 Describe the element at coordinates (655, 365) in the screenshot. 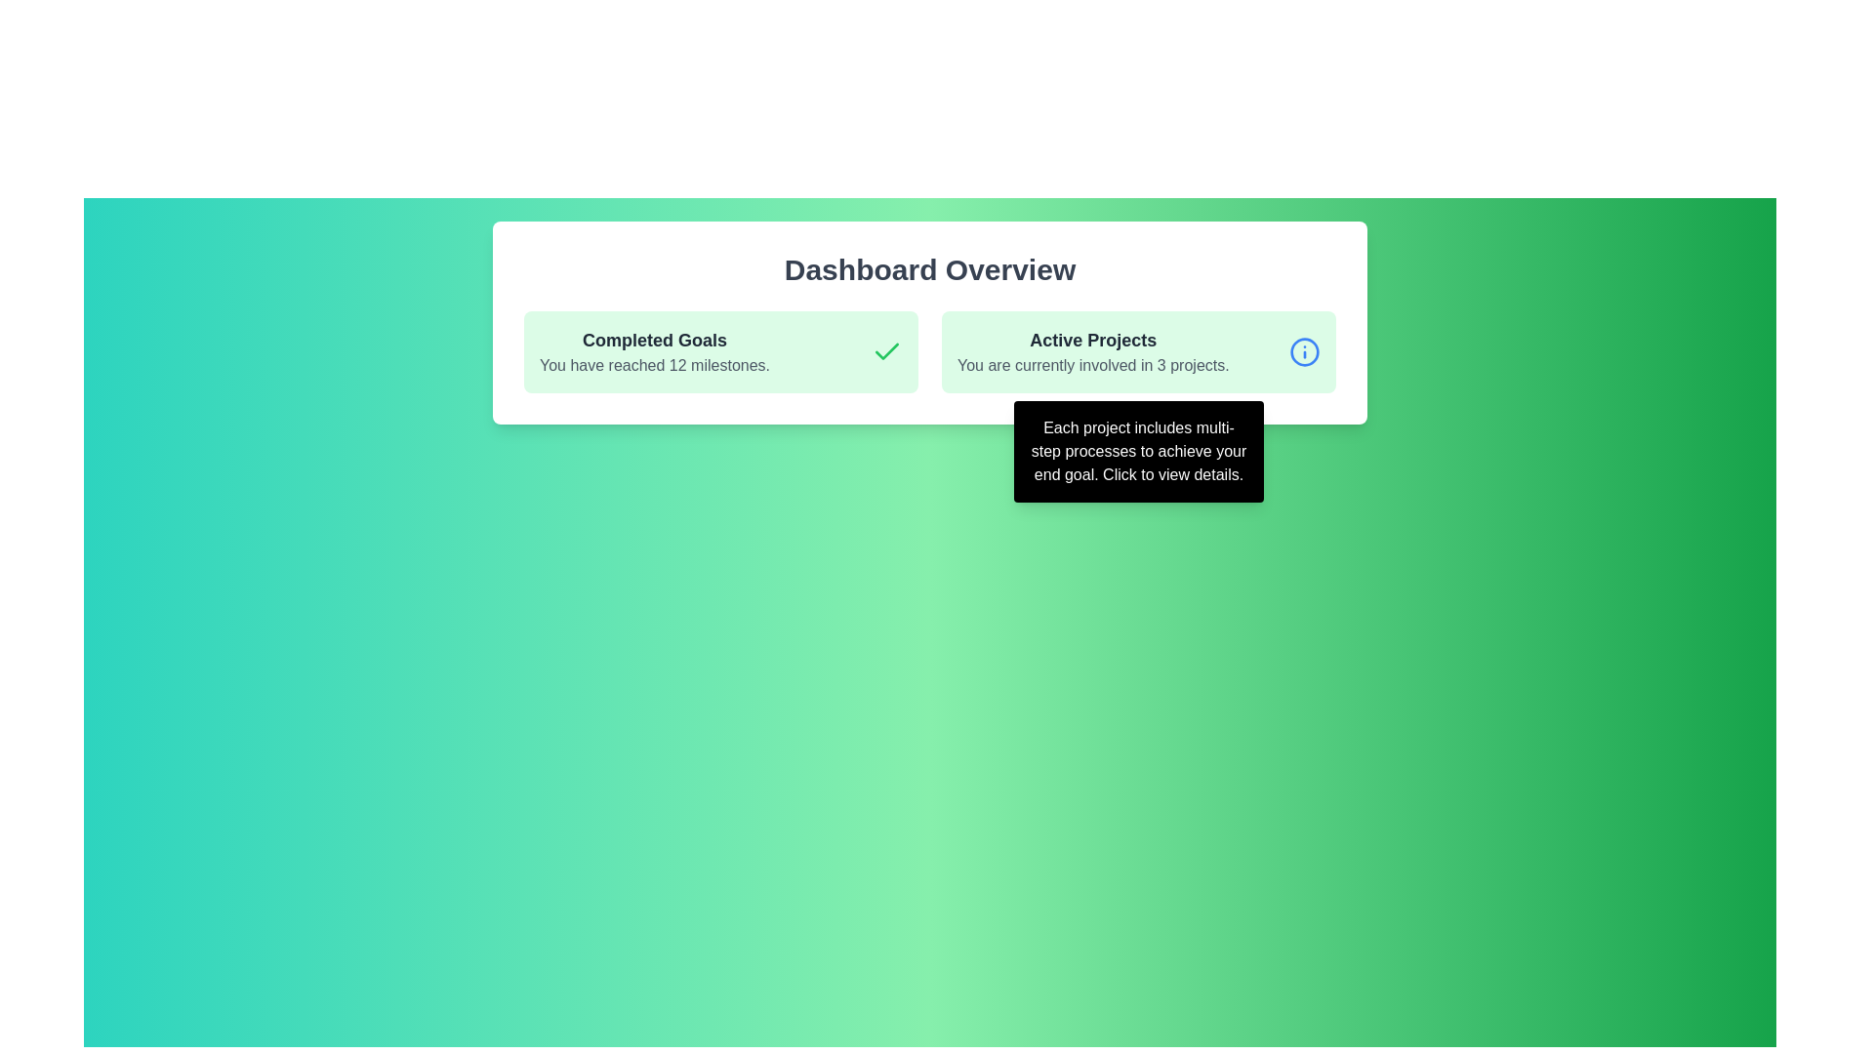

I see `the static text element that reads 'You have reached 12 milestones.' styled with a gray font on a greenish background, located under the title 'Completed Goals.'` at that location.